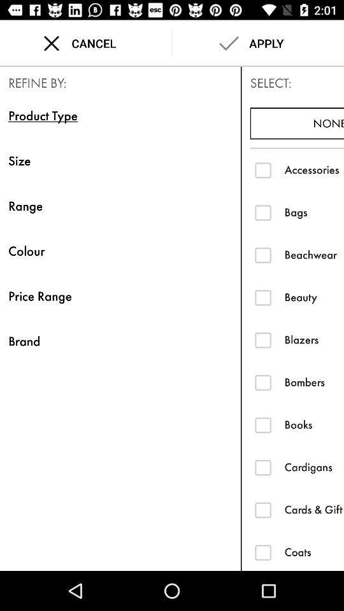 The image size is (344, 611). What do you see at coordinates (262, 254) in the screenshot?
I see `beachwear option checkbox` at bounding box center [262, 254].